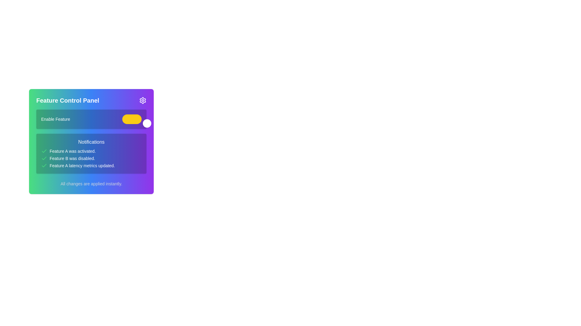 This screenshot has width=581, height=326. Describe the element at coordinates (142, 100) in the screenshot. I see `the gear-shaped settings icon located at the top-right corner of the 'Feature Control Panel'` at that location.